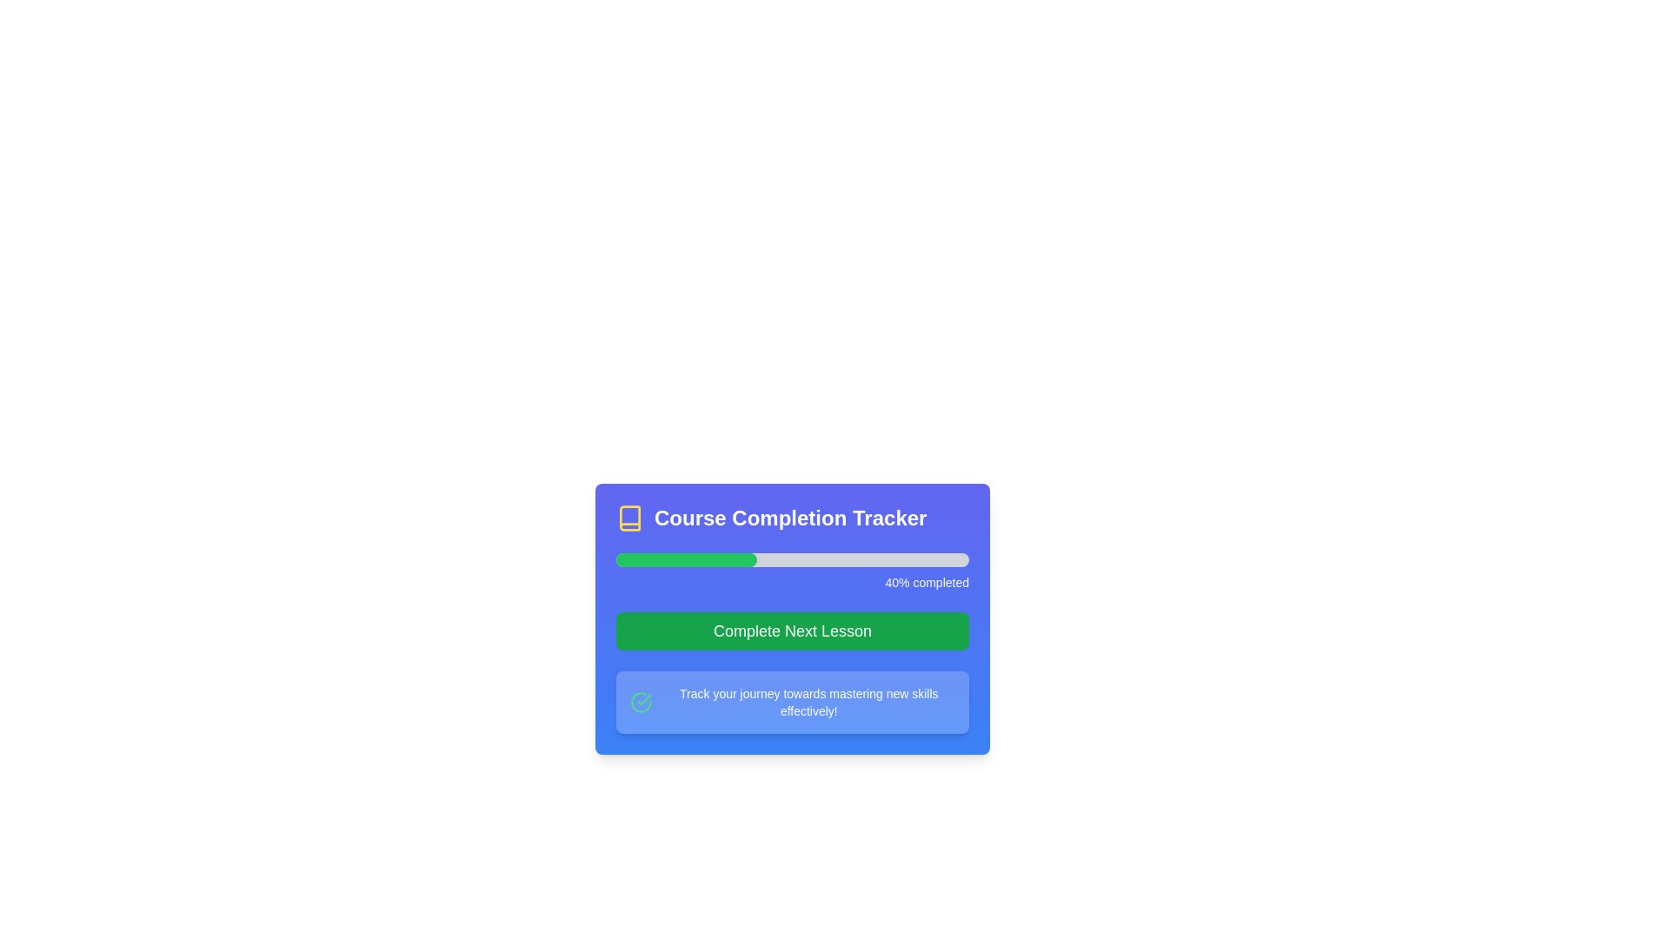  I want to click on the visual indicator icon located at the bottom-right of the course progress card, which marks a step as completed or verified, so click(643, 698).